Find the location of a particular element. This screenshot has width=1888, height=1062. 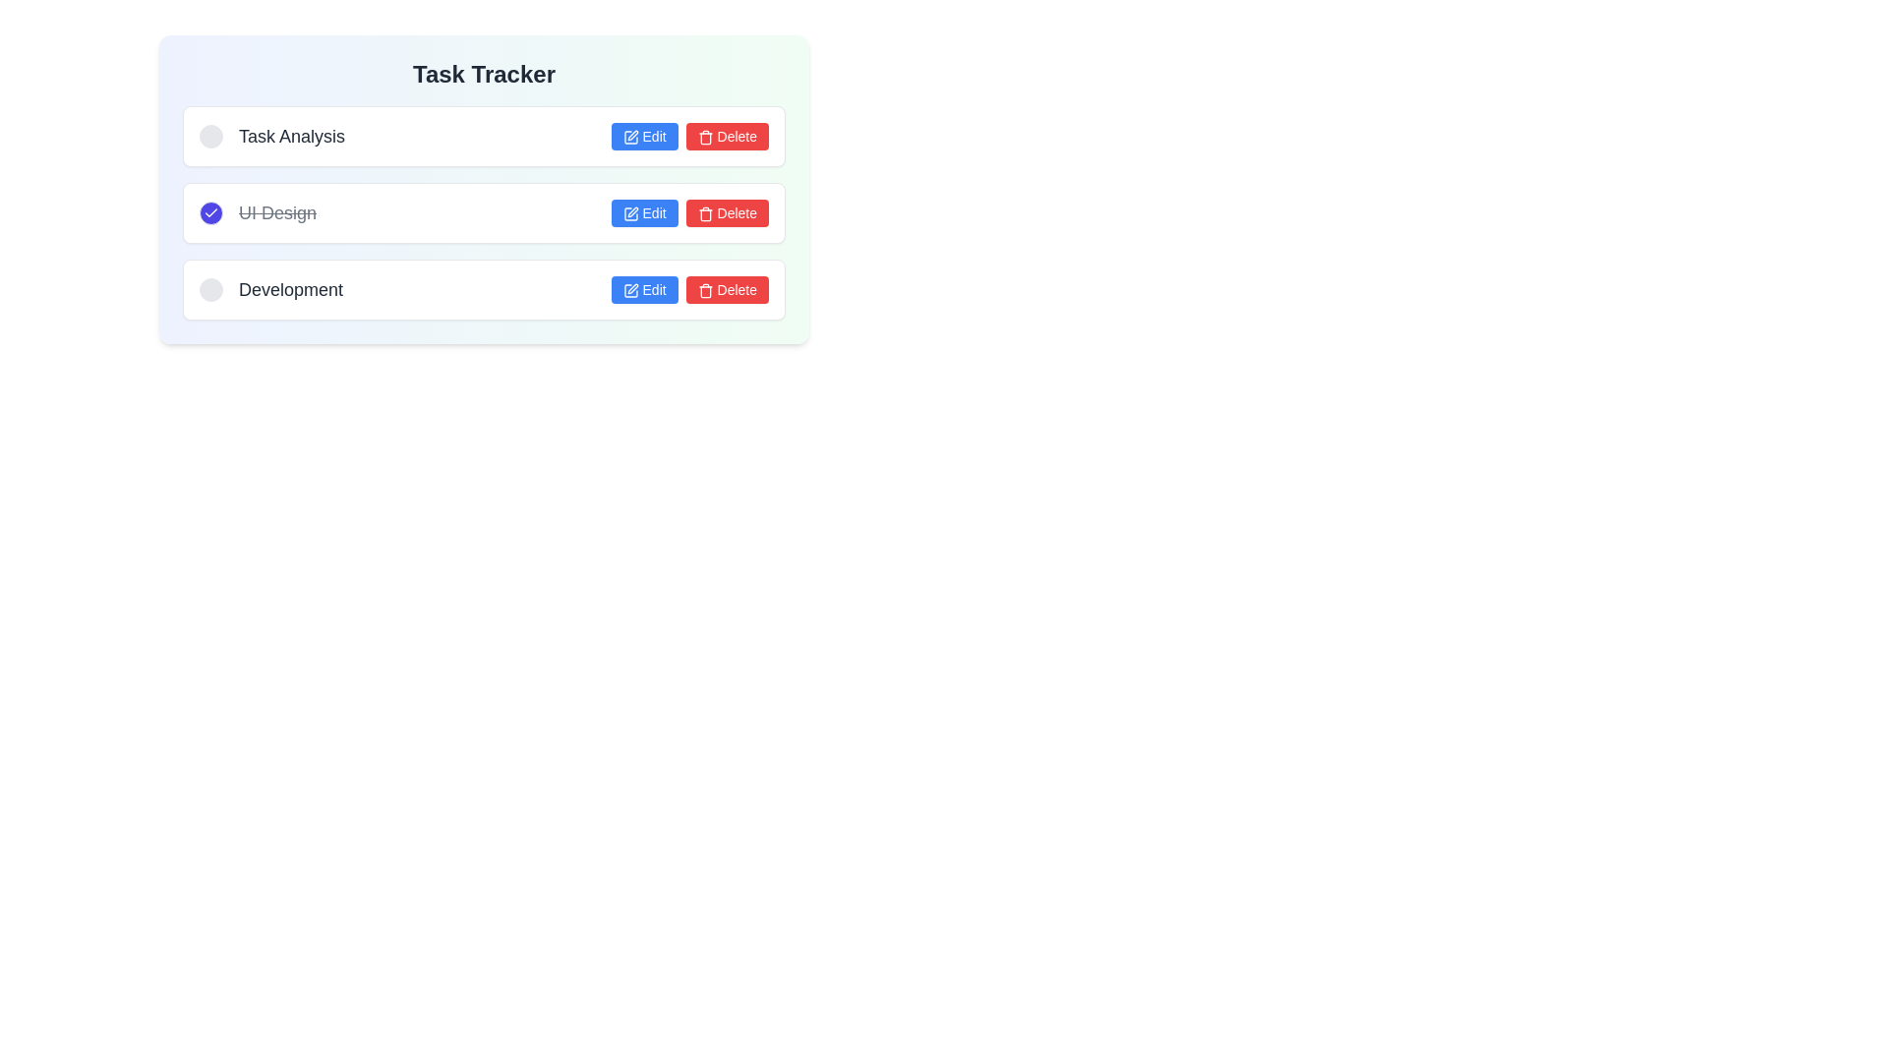

the trash icon within the red 'Delete' button is located at coordinates (705, 137).